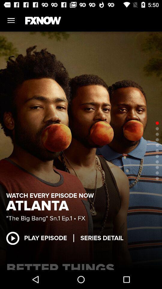 The width and height of the screenshot is (162, 289). What do you see at coordinates (40, 238) in the screenshot?
I see `the play episode` at bounding box center [40, 238].